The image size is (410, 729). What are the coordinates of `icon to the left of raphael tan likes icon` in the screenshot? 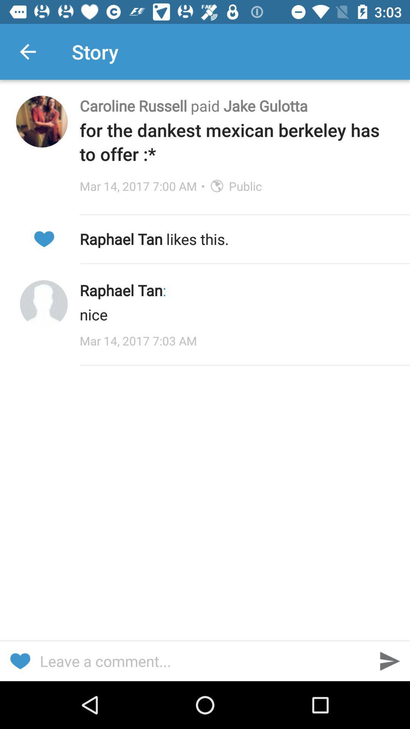 It's located at (44, 238).